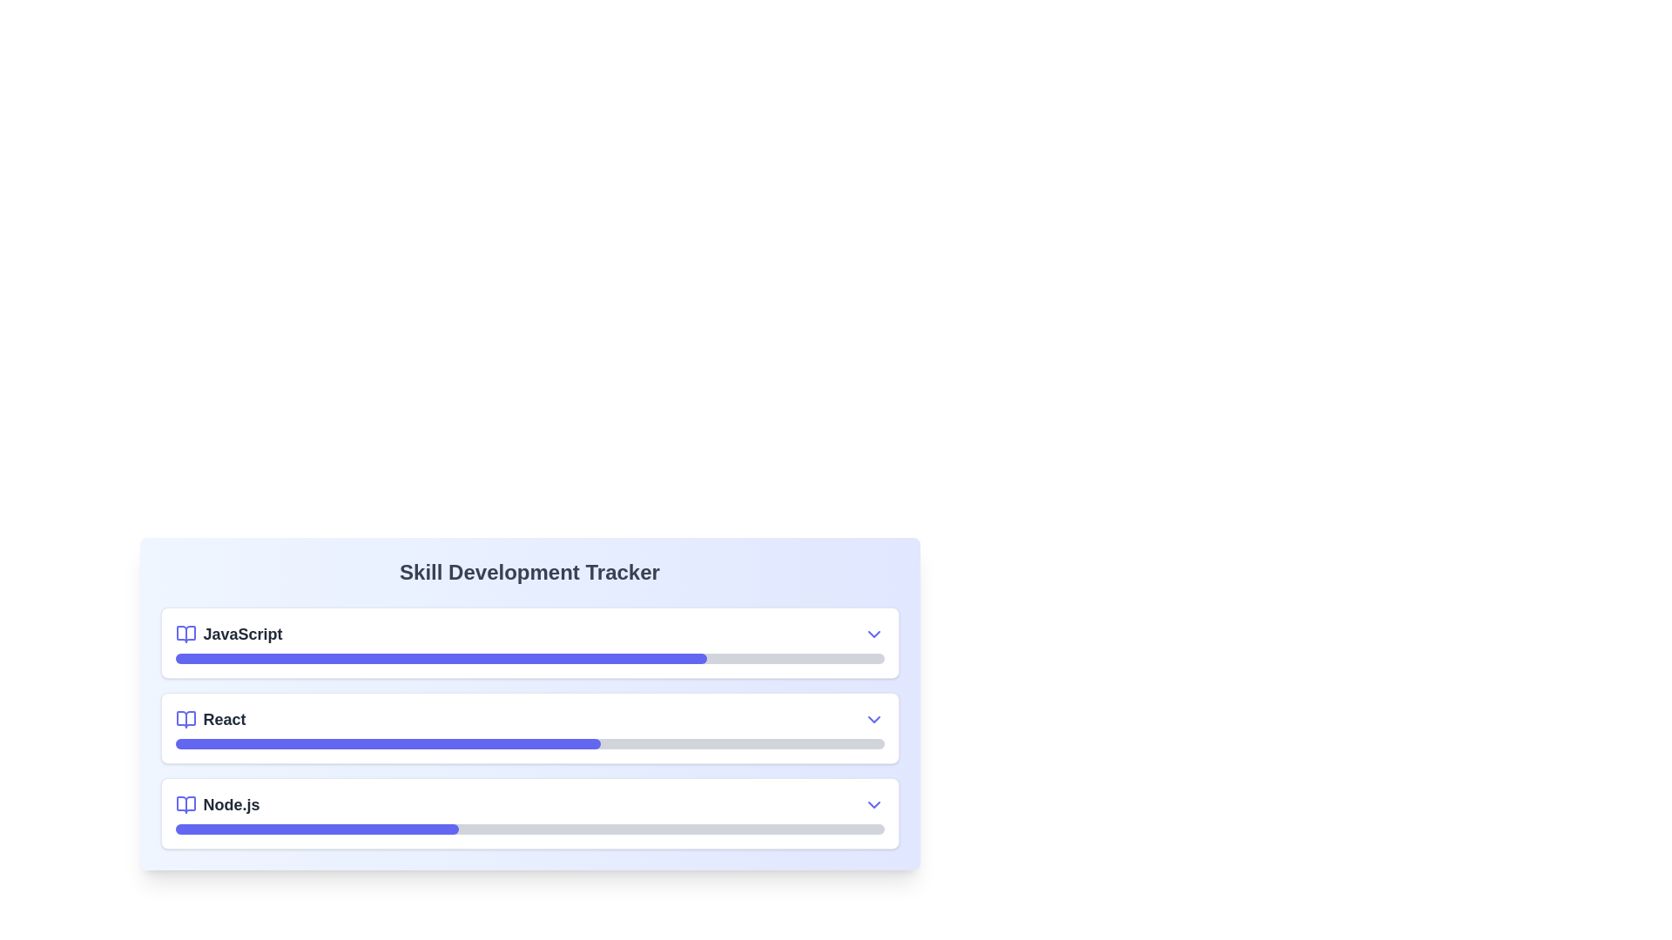 This screenshot has width=1672, height=940. Describe the element at coordinates (873, 634) in the screenshot. I see `the chevron-down icon located at the top section of the skill tracker card, to the far right of the 'JavaScript' row` at that location.